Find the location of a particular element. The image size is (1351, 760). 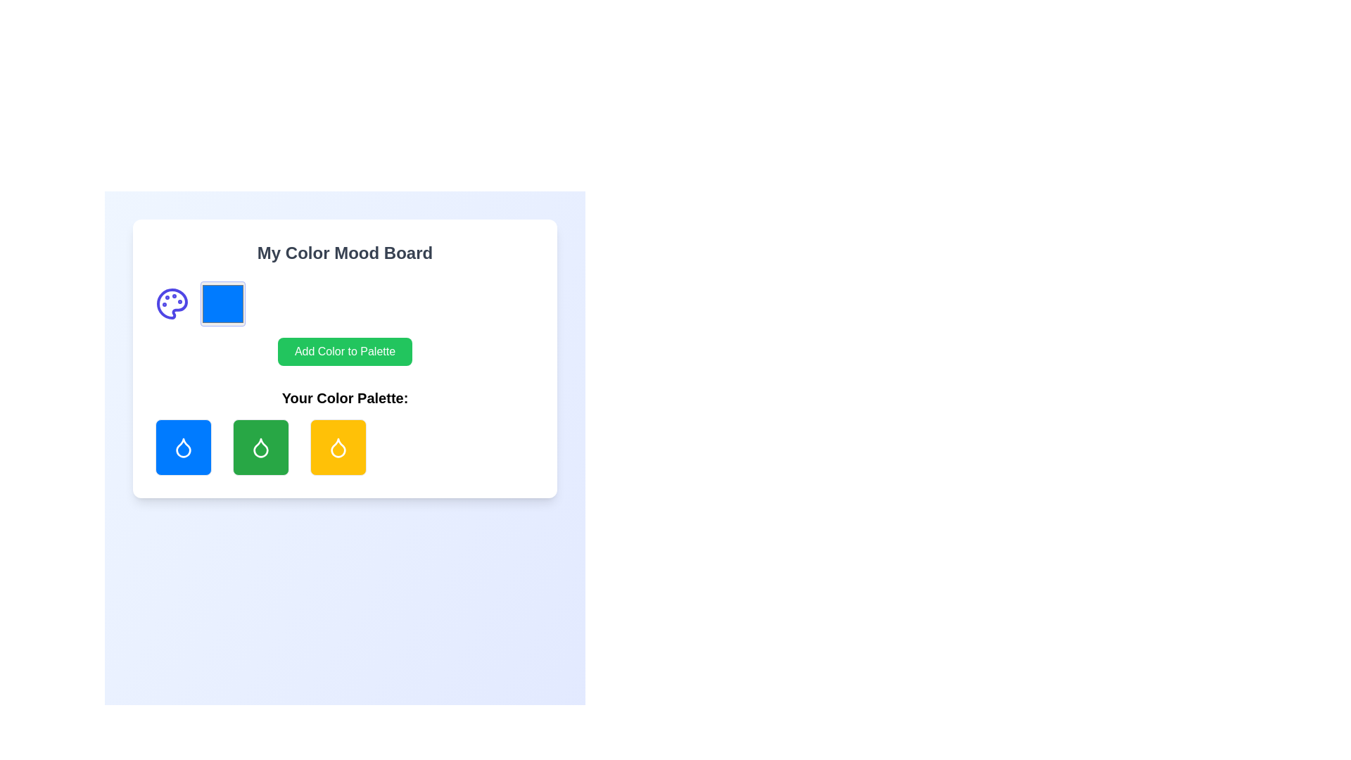

the green rectangular button labeled 'Add Color to Palette' to observe its hover effect is located at coordinates (345, 351).